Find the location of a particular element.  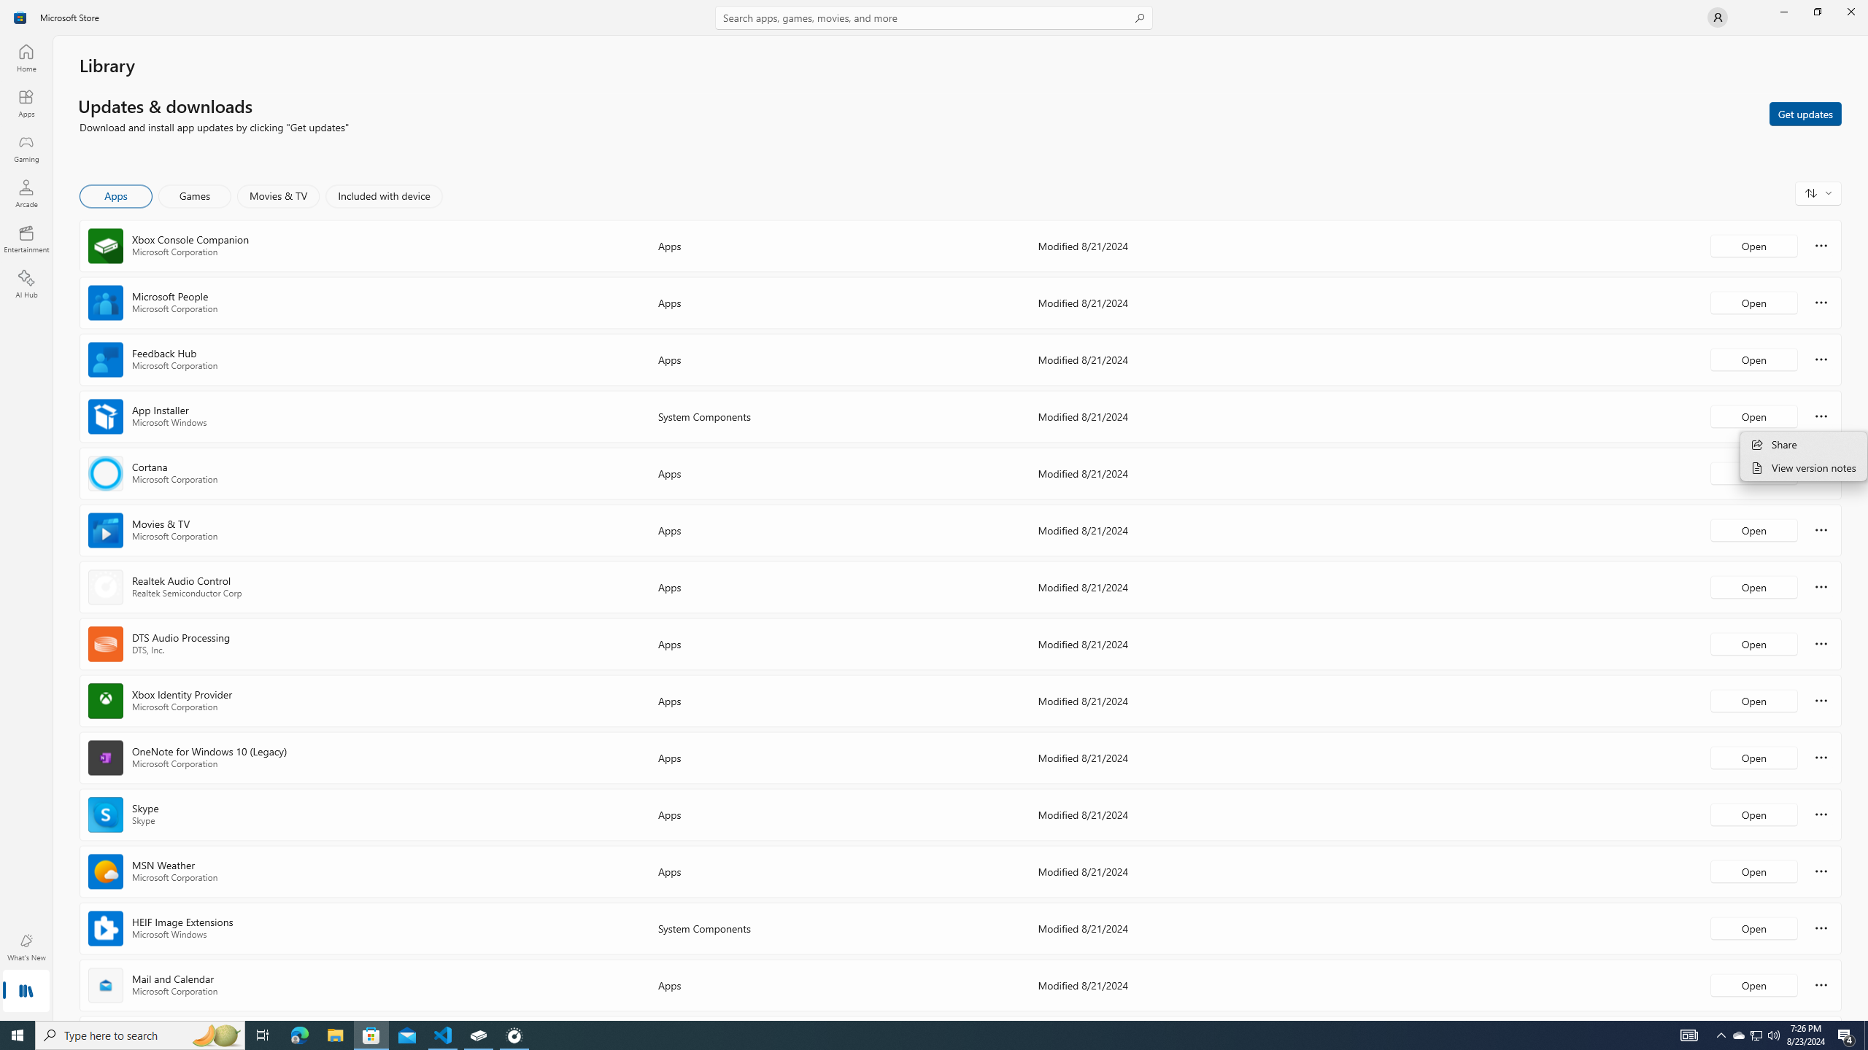

'Included with device' is located at coordinates (383, 195).